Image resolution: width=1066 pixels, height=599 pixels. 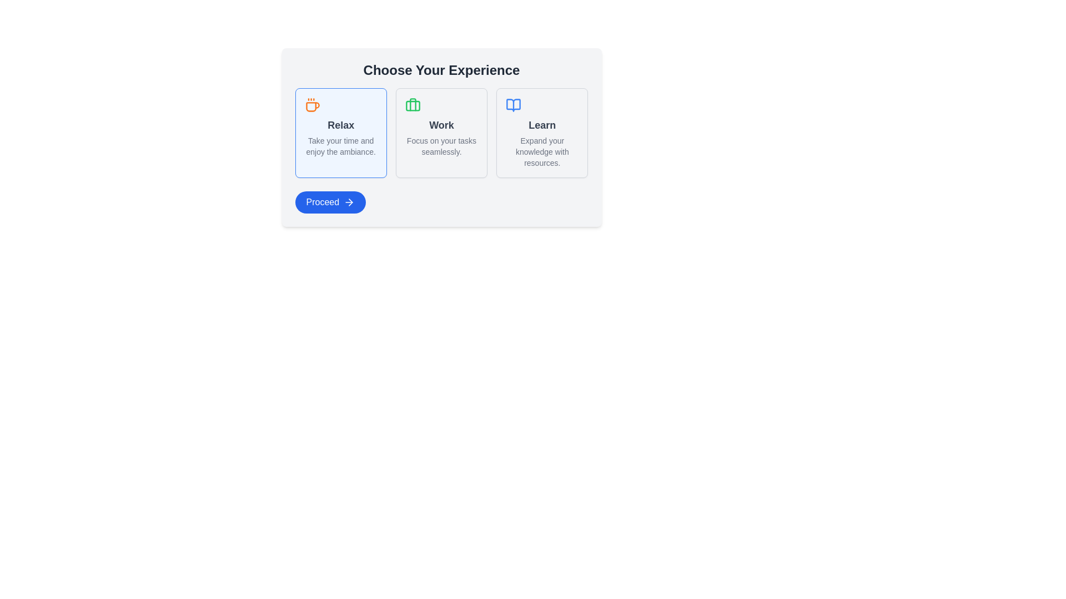 I want to click on text label that serves as the header for the 'Work' option, positioned beneath a green briefcase icon and above the smaller text 'Focus on your tasks seamlessly.', so click(x=441, y=125).